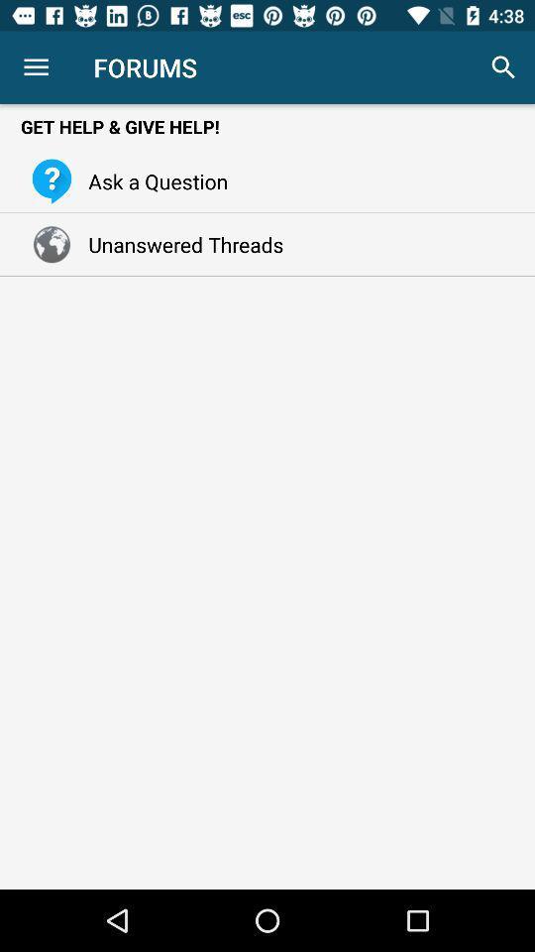 The image size is (535, 952). What do you see at coordinates (152, 180) in the screenshot?
I see `ask a question icon` at bounding box center [152, 180].